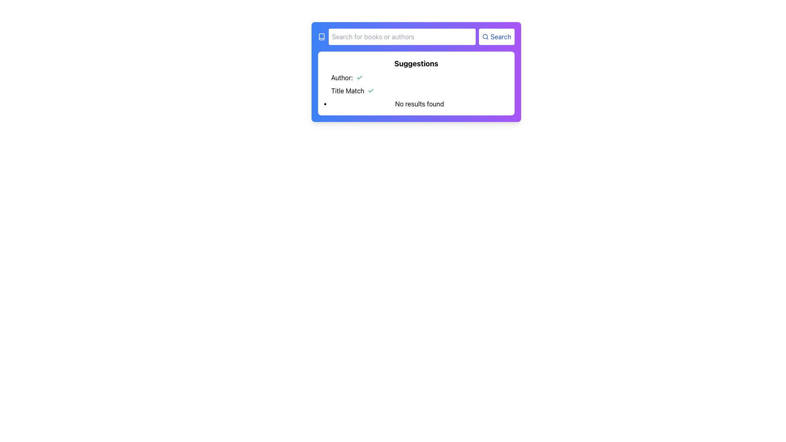  What do you see at coordinates (402, 36) in the screenshot?
I see `the text input field styled with rounded corners that has a placeholder saying 'Search for books or authors' to focus on it` at bounding box center [402, 36].